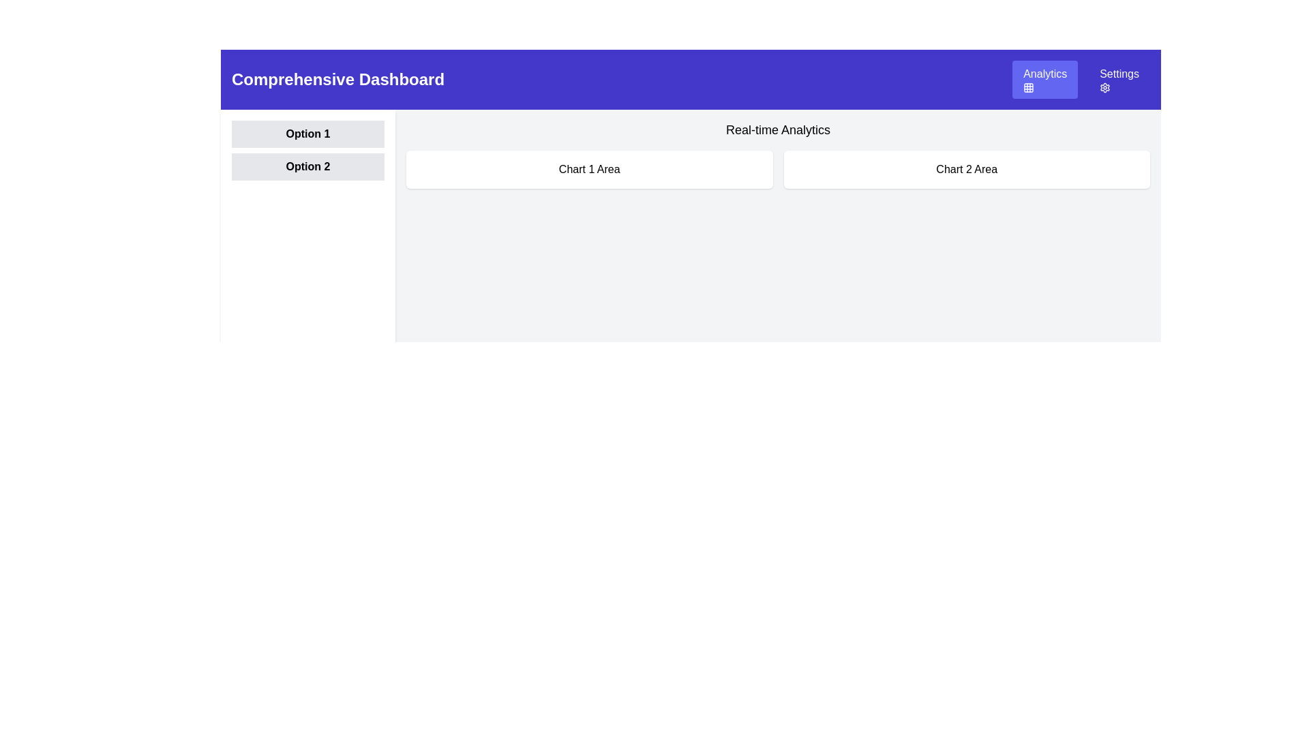 This screenshot has height=736, width=1309. I want to click on the small cogwheel icon representing settings, located near the 'Settings' label in the top-right corner of the interface, so click(1105, 87).